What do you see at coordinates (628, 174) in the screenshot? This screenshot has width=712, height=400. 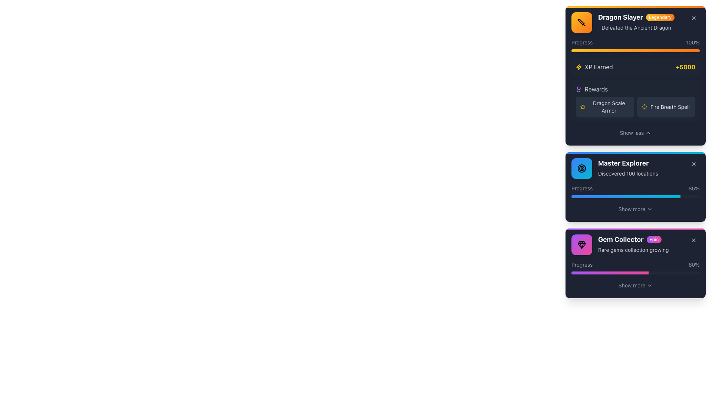 I see `the Informational text label located beneath the title 'Master Explorer' and above the progress bar in the achievement card` at bounding box center [628, 174].